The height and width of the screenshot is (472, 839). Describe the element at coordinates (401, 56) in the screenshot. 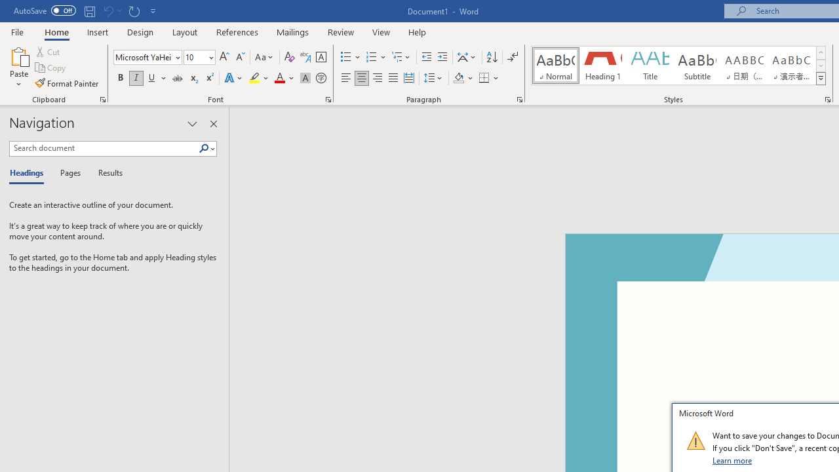

I see `'Multilevel List'` at that location.